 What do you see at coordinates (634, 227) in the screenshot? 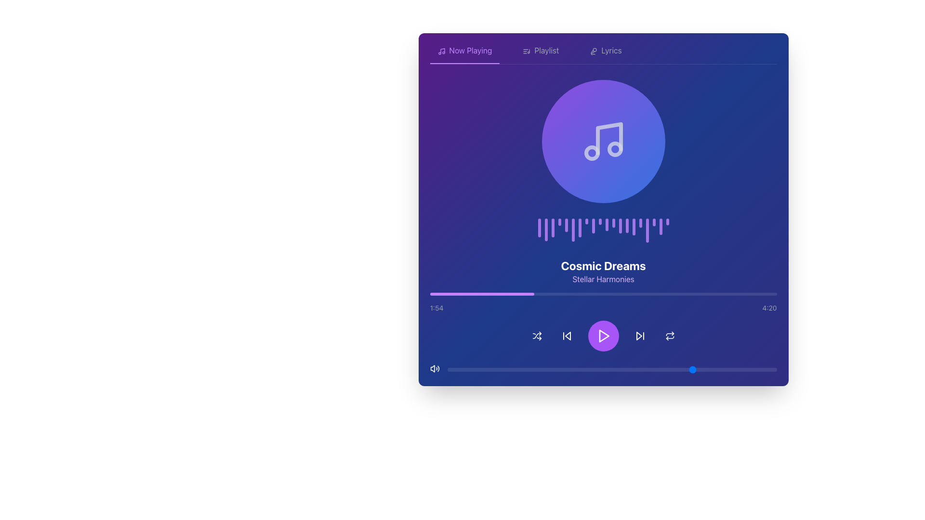
I see `the fifteenth vertical bar styled as a rounded rectangle with a gradient purple color, located centrally under the music note icon` at bounding box center [634, 227].